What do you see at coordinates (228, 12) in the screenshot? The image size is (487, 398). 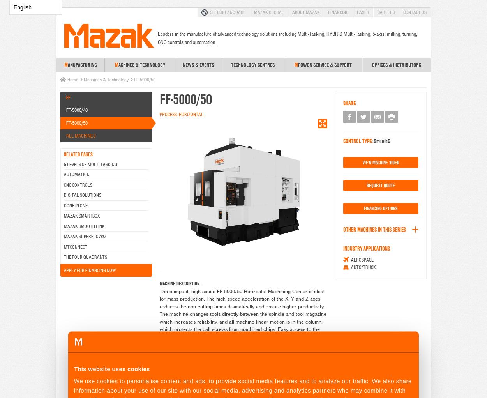 I see `'Select Language'` at bounding box center [228, 12].